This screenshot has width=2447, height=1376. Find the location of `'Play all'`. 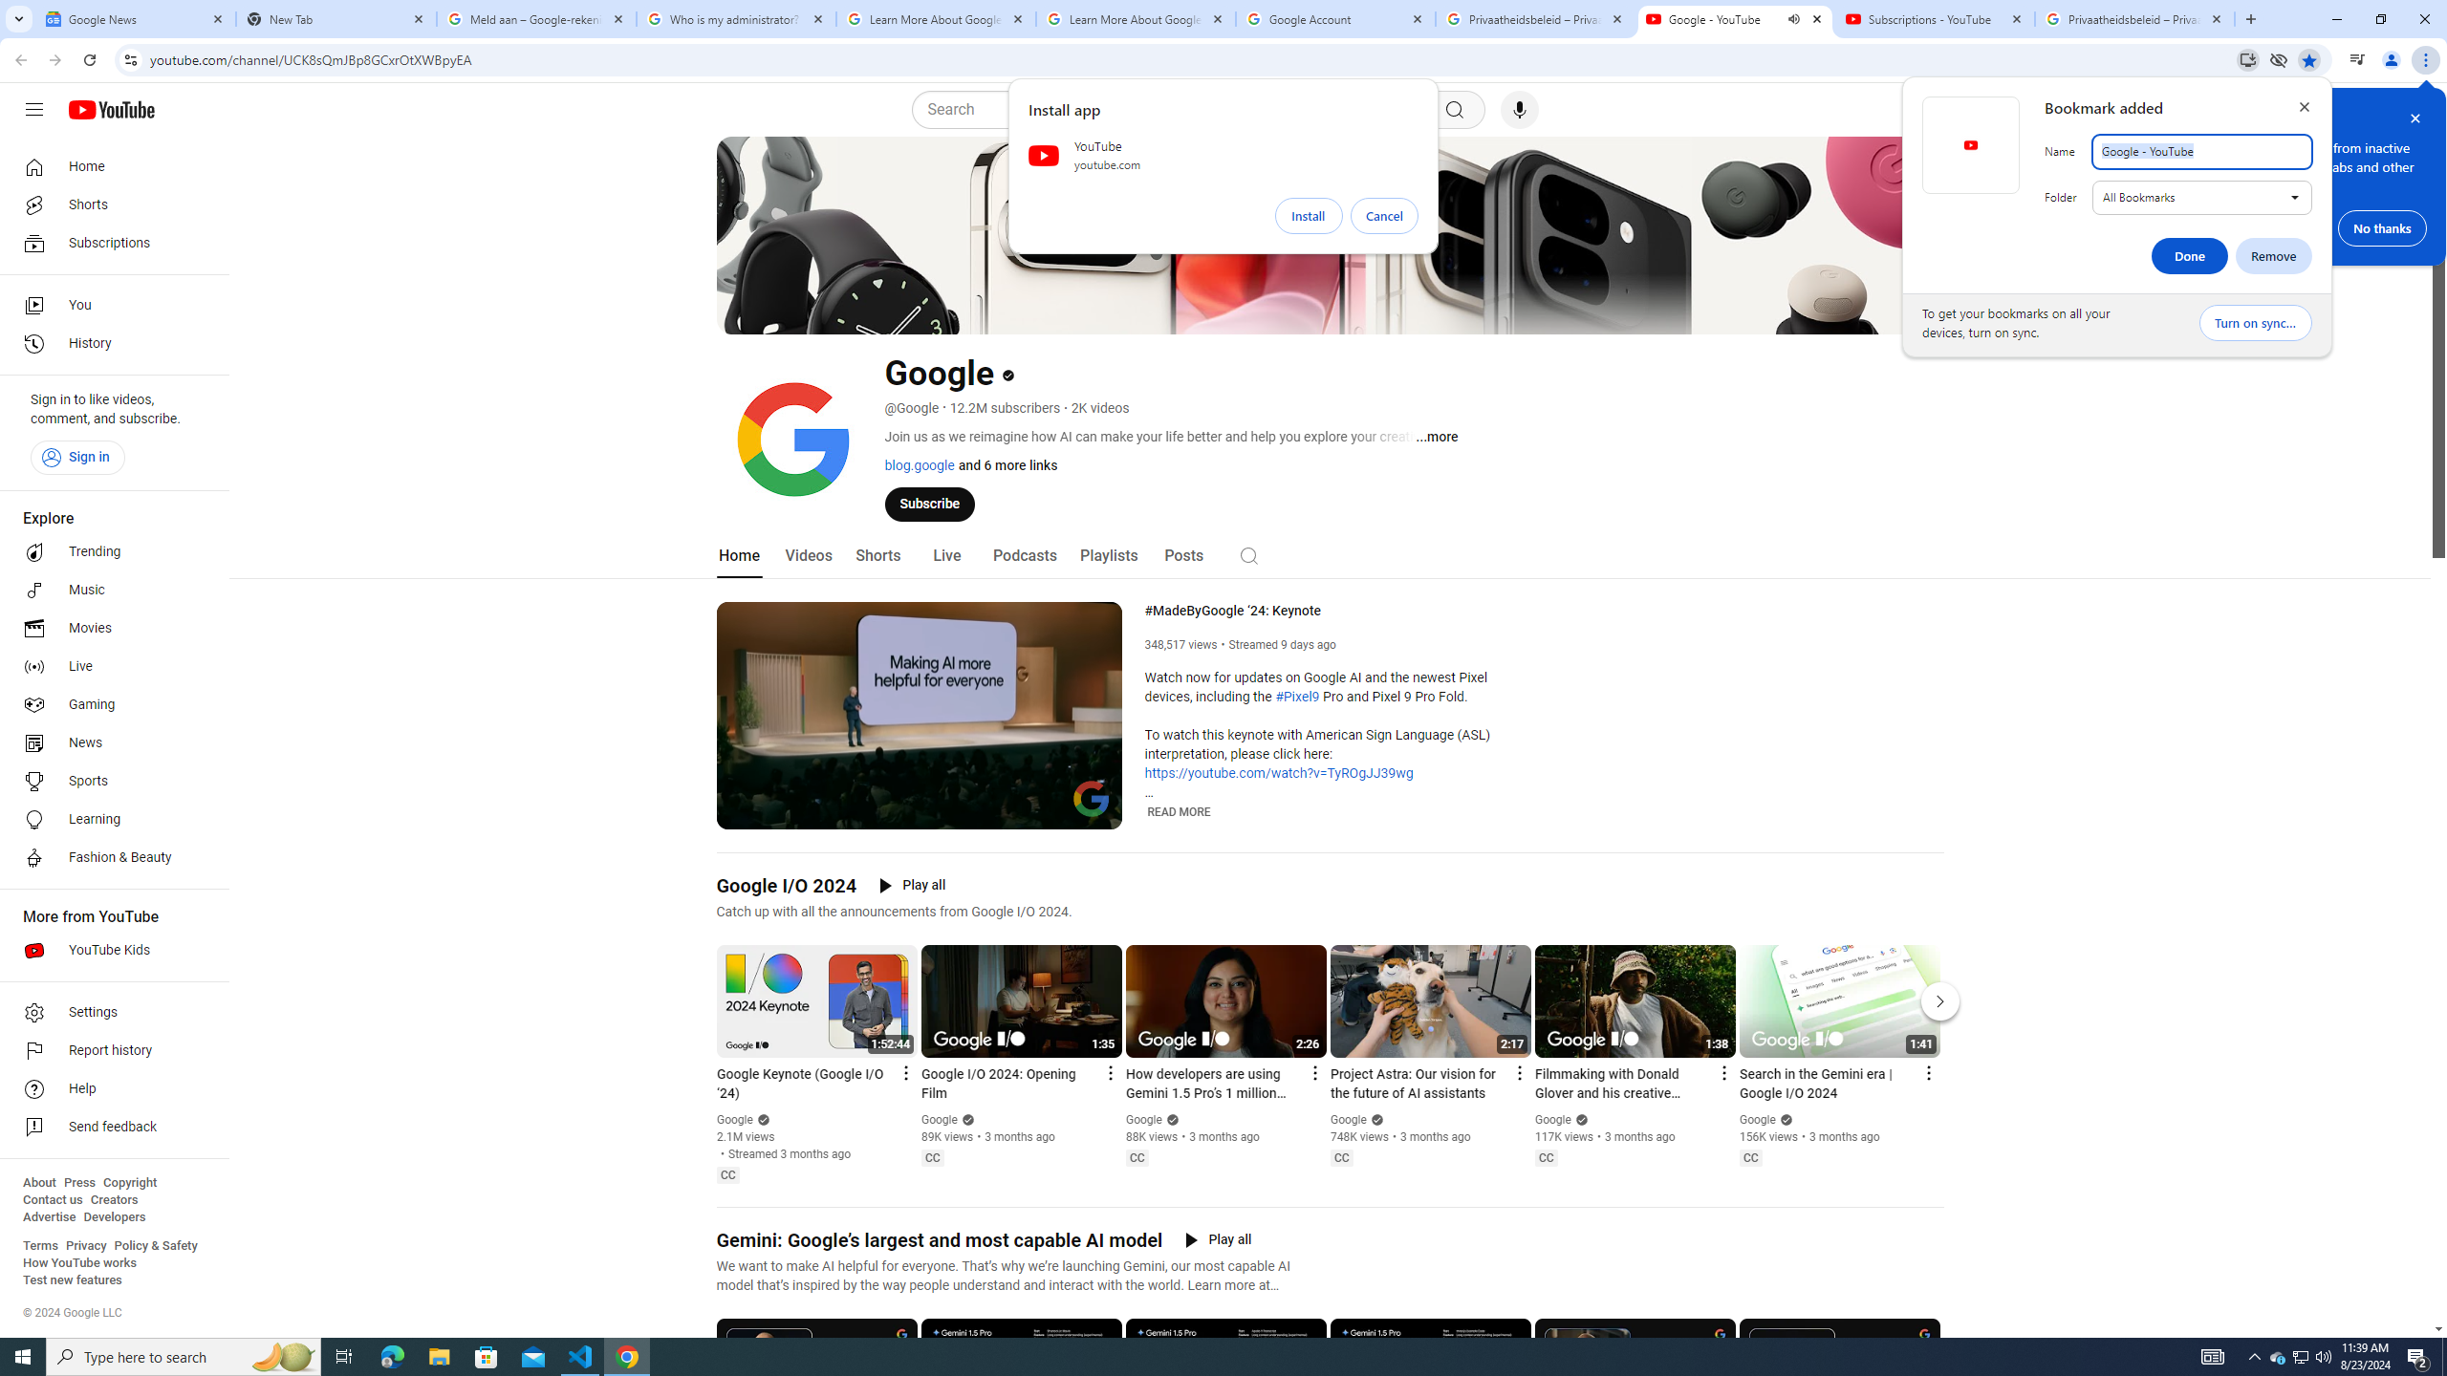

'Play all' is located at coordinates (1217, 1240).